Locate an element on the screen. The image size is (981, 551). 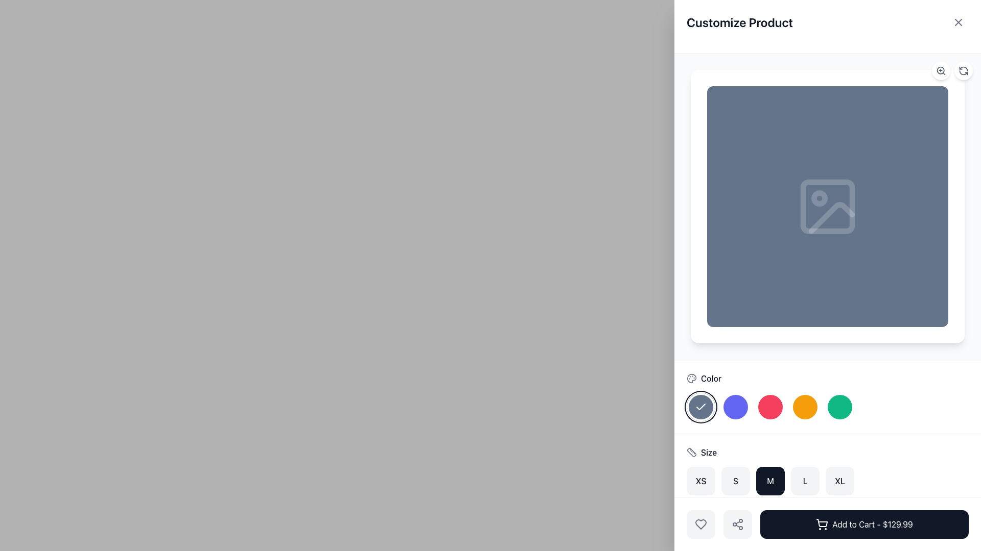
the third circular rose-red button in the color selection row is located at coordinates (770, 407).